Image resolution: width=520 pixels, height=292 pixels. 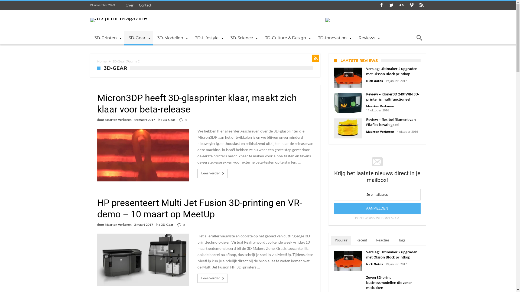 What do you see at coordinates (129, 5) in the screenshot?
I see `'Over'` at bounding box center [129, 5].